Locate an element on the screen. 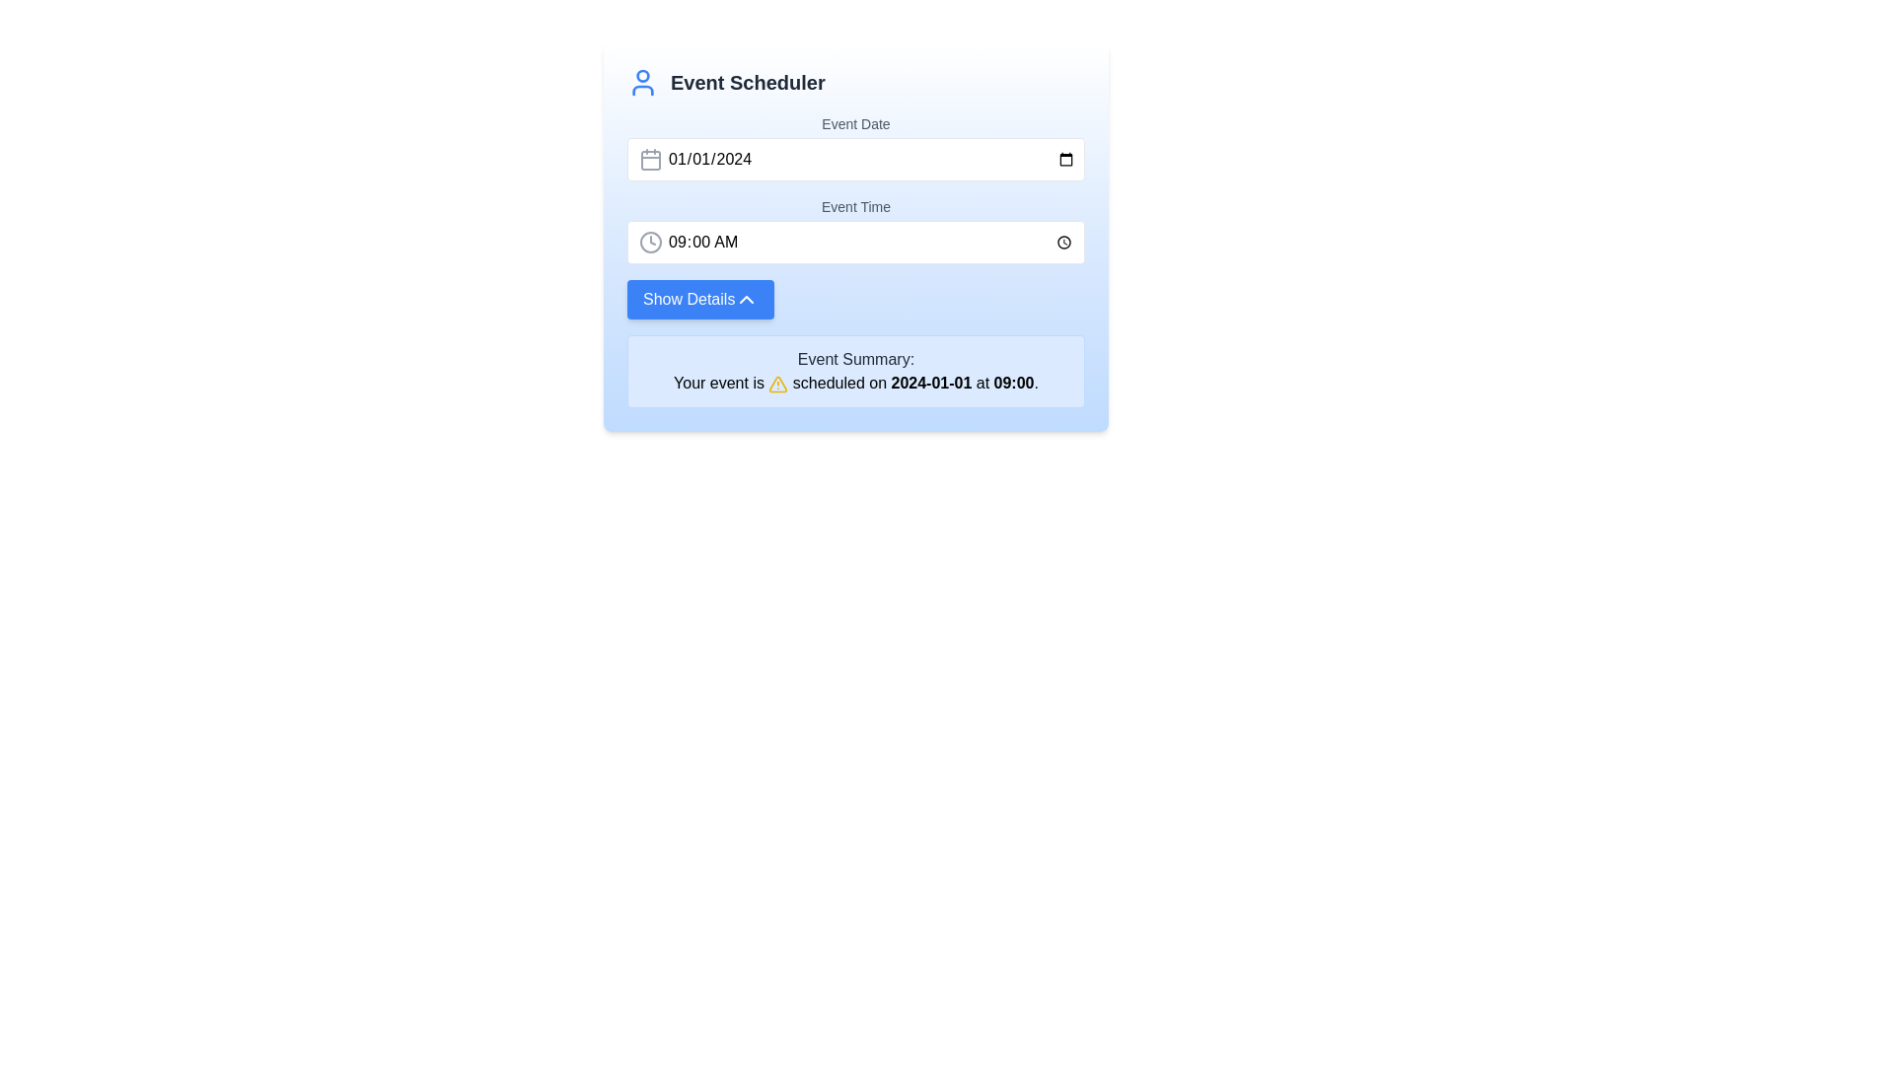 The image size is (1894, 1065). the 'Event Date' text label, which is displayed in gray above the input field for the date is located at coordinates (856, 124).